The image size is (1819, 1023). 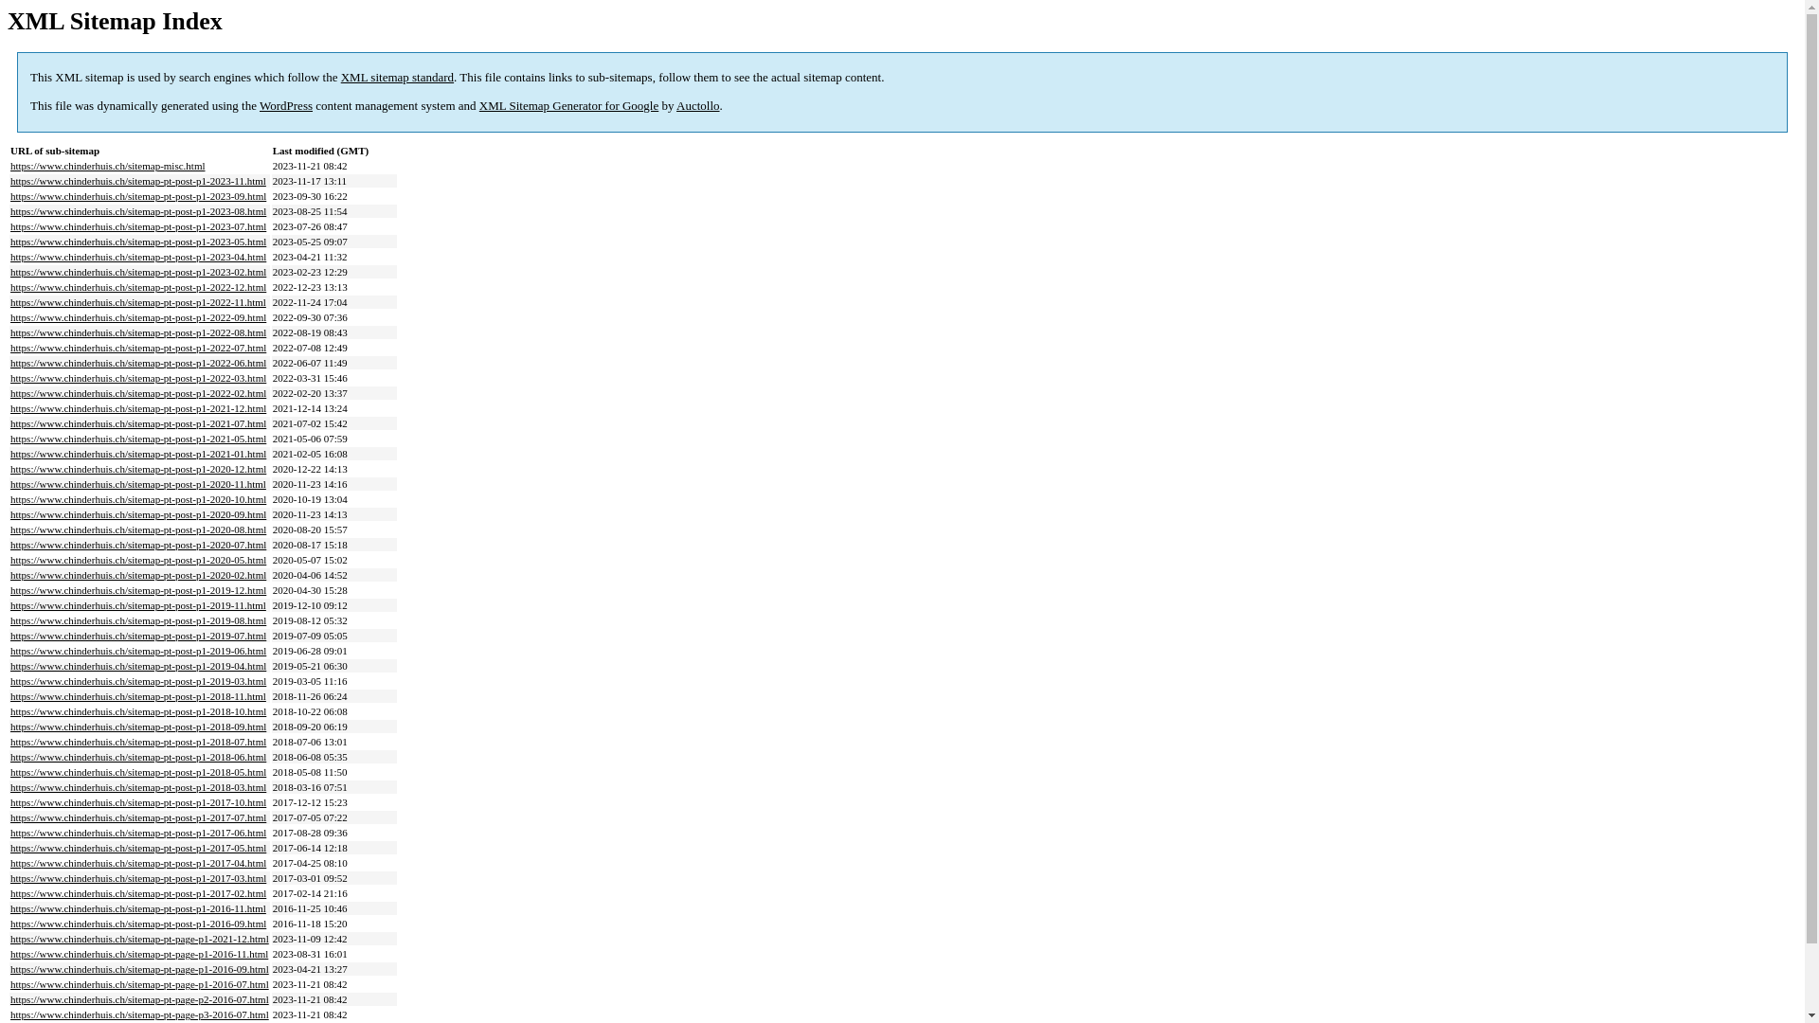 I want to click on 'https://www.chinderhuis.ch/sitemap-pt-post-p1-2019-06.html', so click(x=136, y=649).